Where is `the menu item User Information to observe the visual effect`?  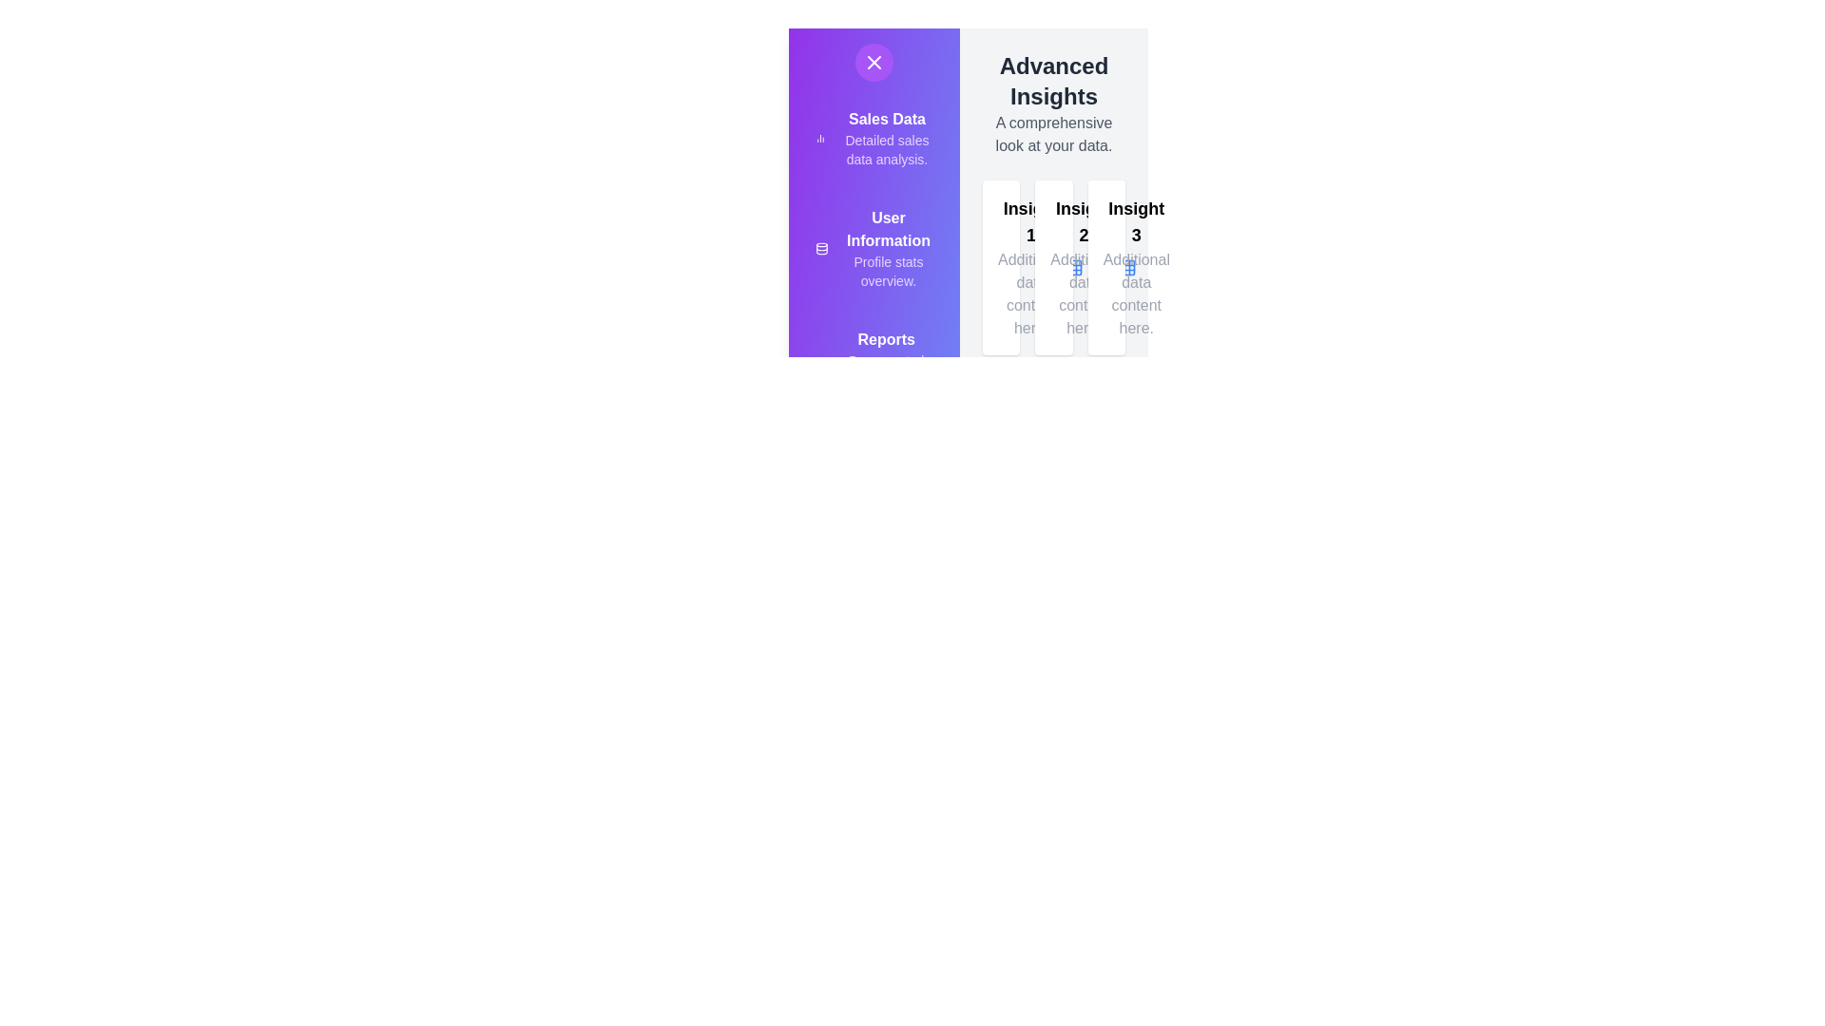 the menu item User Information to observe the visual effect is located at coordinates (807, 237).